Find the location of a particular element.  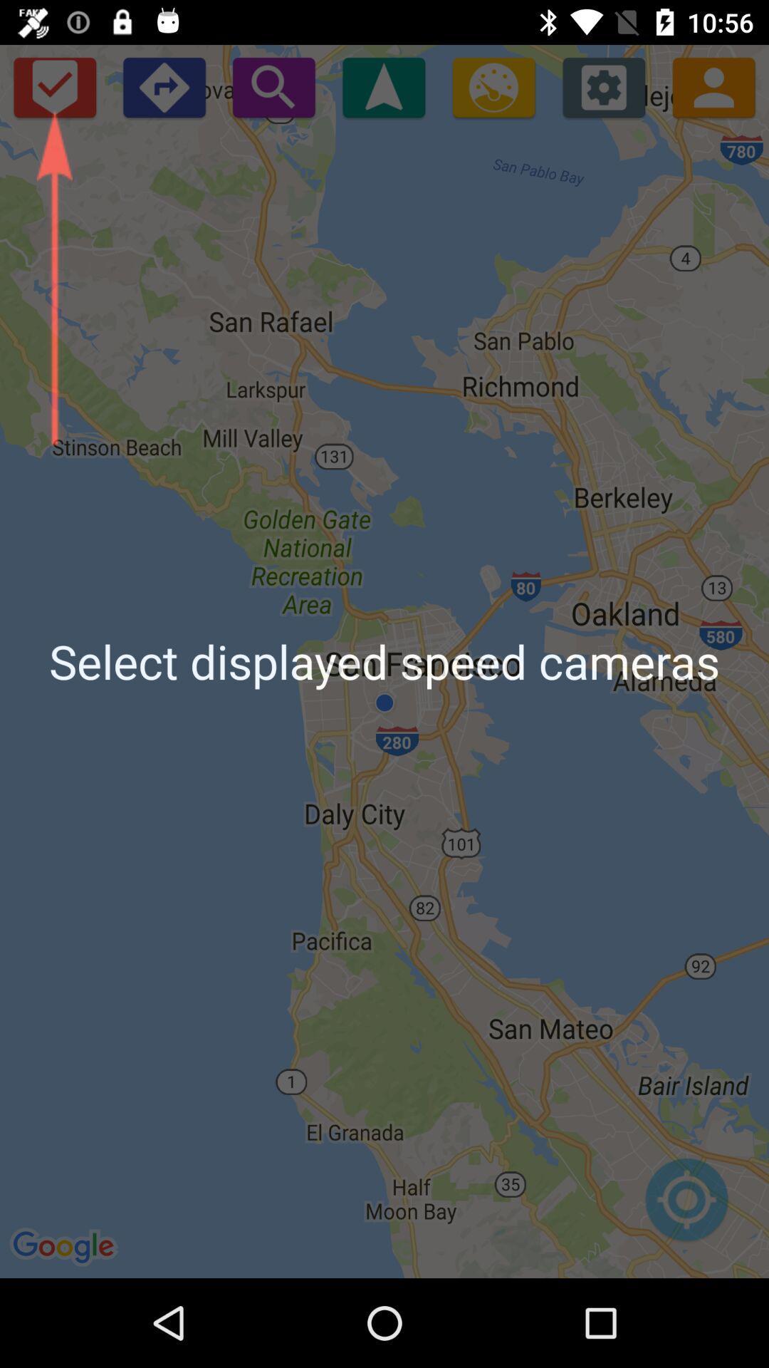

the avatar icon is located at coordinates (713, 86).